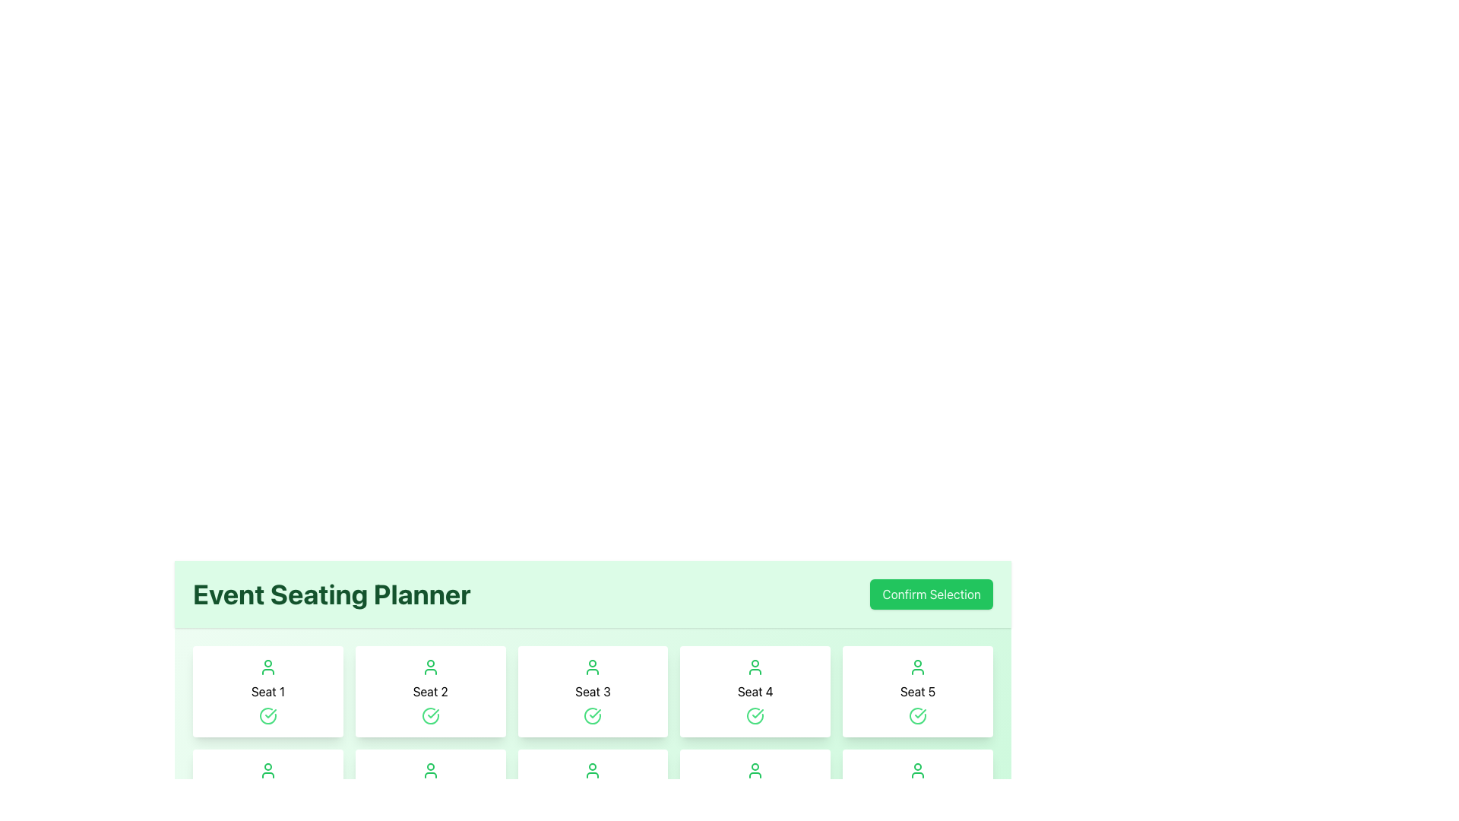  What do you see at coordinates (592, 692) in the screenshot?
I see `the third selectable seat card in the Event Seating Planner` at bounding box center [592, 692].